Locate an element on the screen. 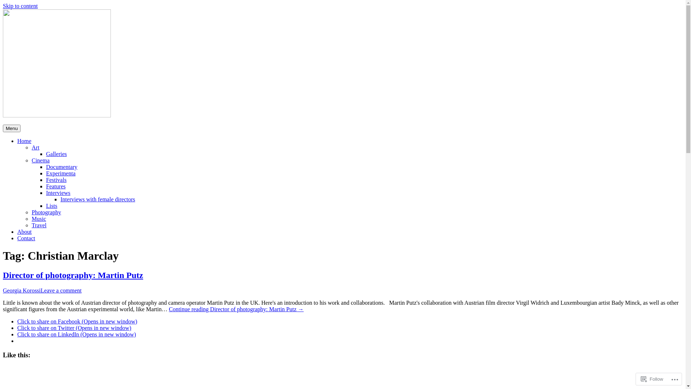 This screenshot has width=691, height=389. 'About' is located at coordinates (24, 232).